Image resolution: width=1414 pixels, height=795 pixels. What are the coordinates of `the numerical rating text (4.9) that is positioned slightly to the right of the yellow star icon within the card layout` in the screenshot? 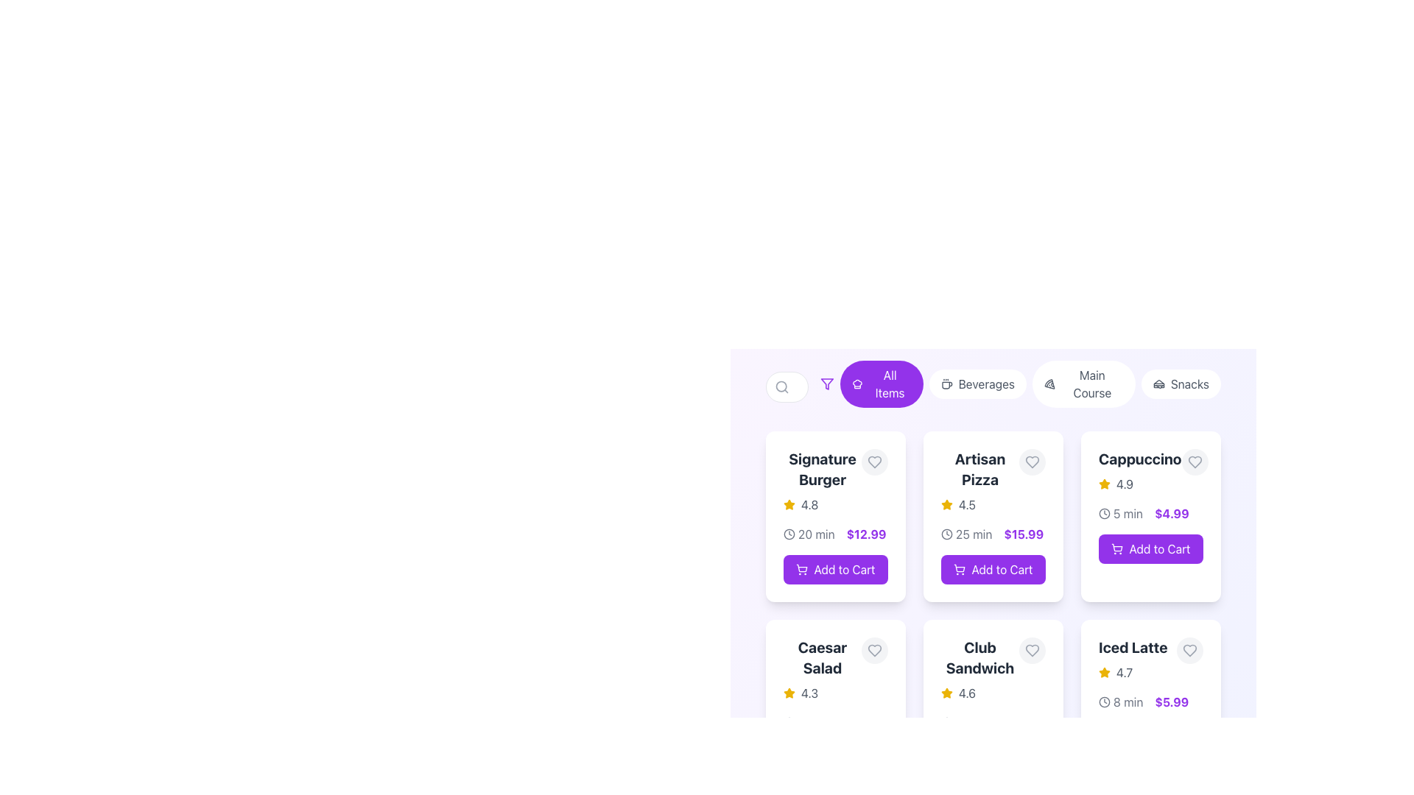 It's located at (1124, 484).